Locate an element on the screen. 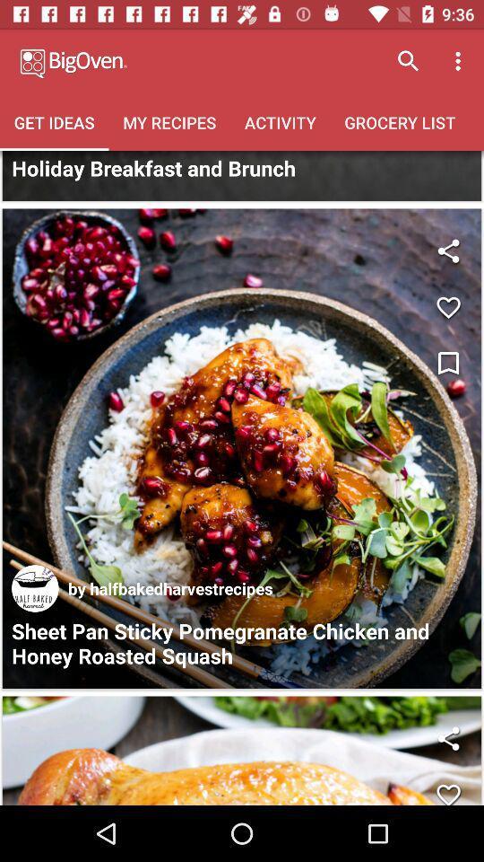 This screenshot has width=484, height=862. the item above grocery list is located at coordinates (460, 61).